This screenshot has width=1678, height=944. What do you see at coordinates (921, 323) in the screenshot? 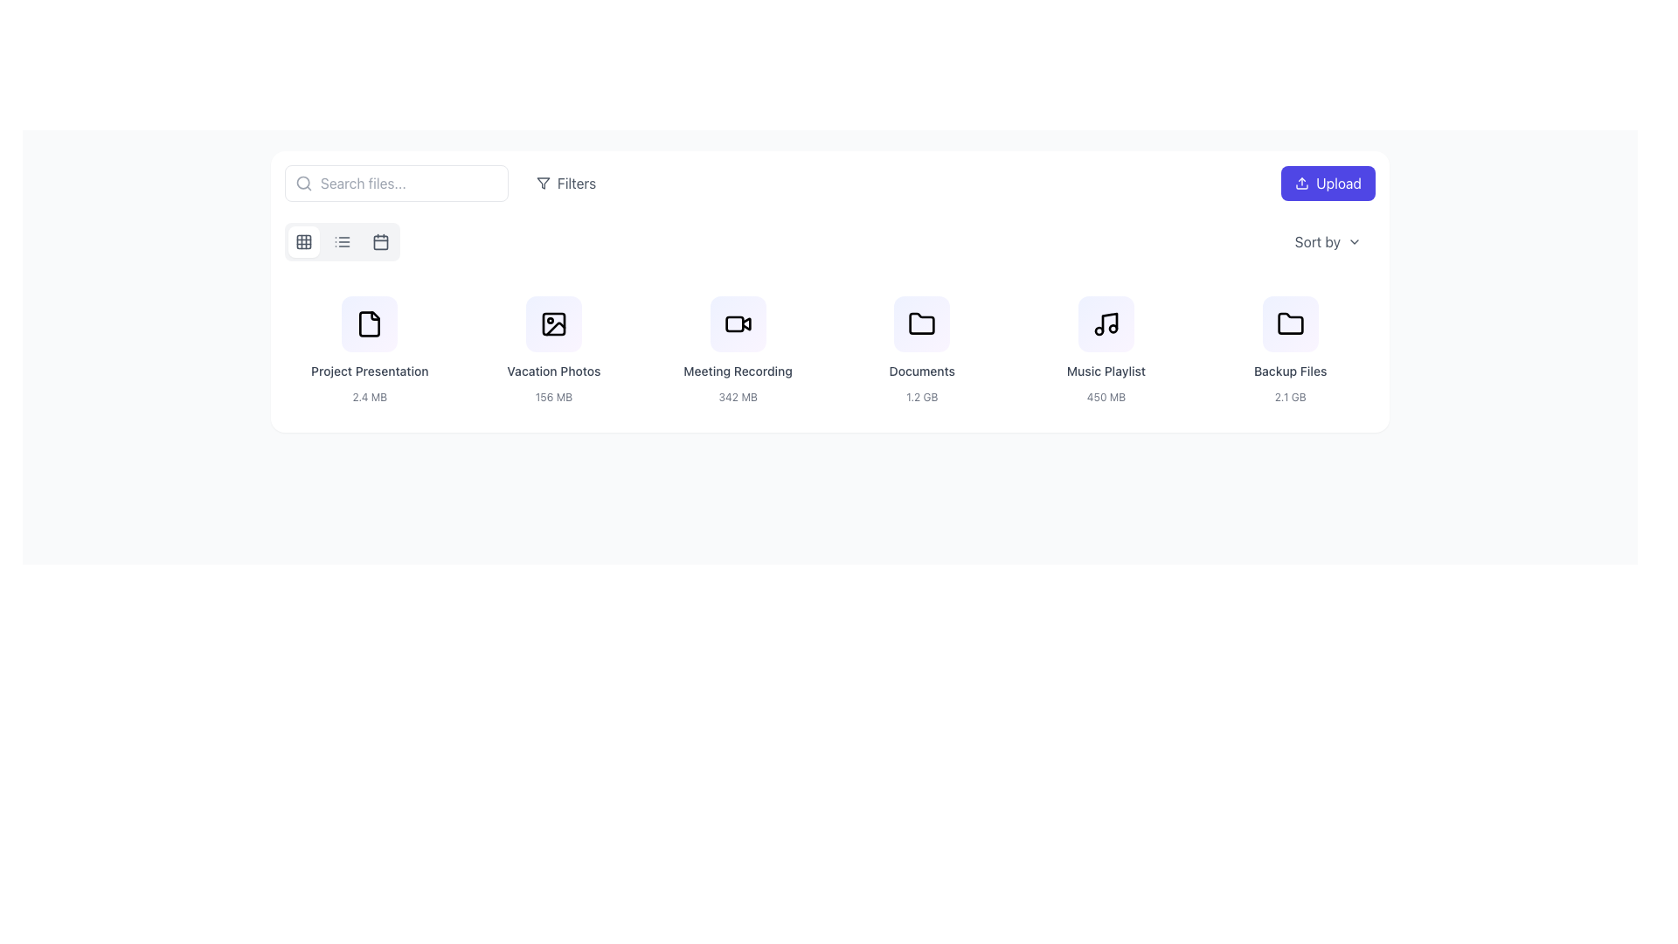
I see `the square icon with rounded corners representing a folder, located under the 'Documents' label` at bounding box center [921, 323].